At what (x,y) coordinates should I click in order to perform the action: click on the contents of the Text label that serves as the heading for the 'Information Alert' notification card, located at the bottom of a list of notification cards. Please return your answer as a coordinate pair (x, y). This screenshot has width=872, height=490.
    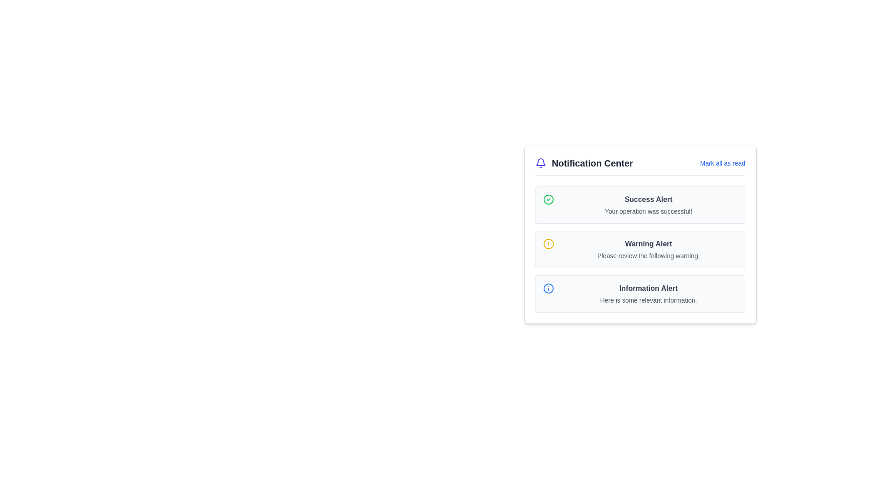
    Looking at the image, I should click on (648, 289).